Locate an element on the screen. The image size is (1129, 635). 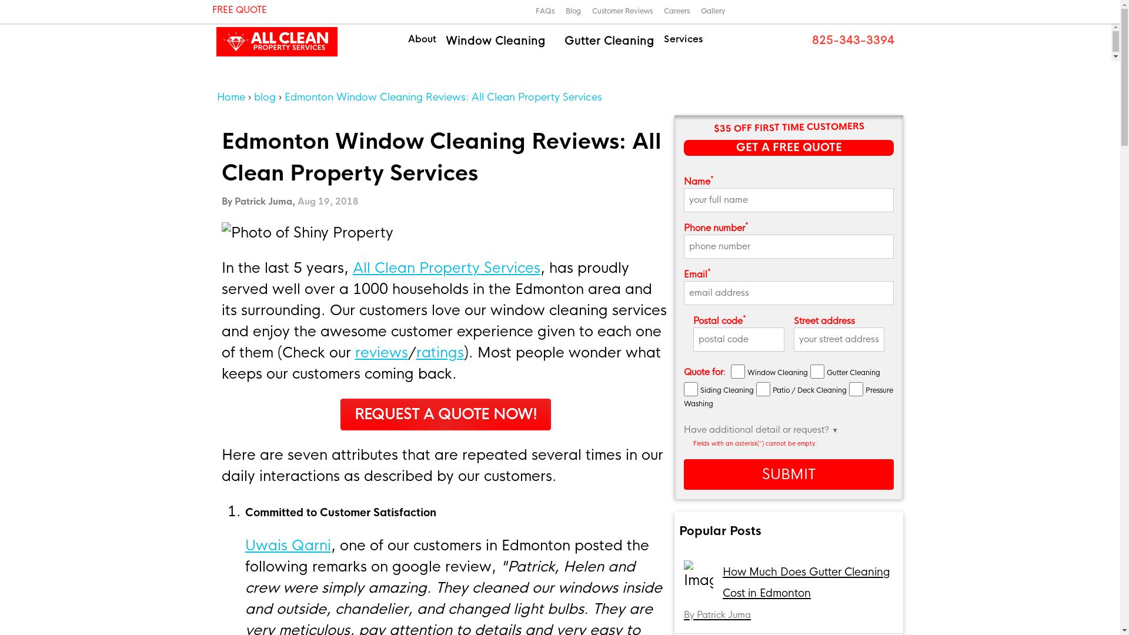
'Gallery' is located at coordinates (712, 11).